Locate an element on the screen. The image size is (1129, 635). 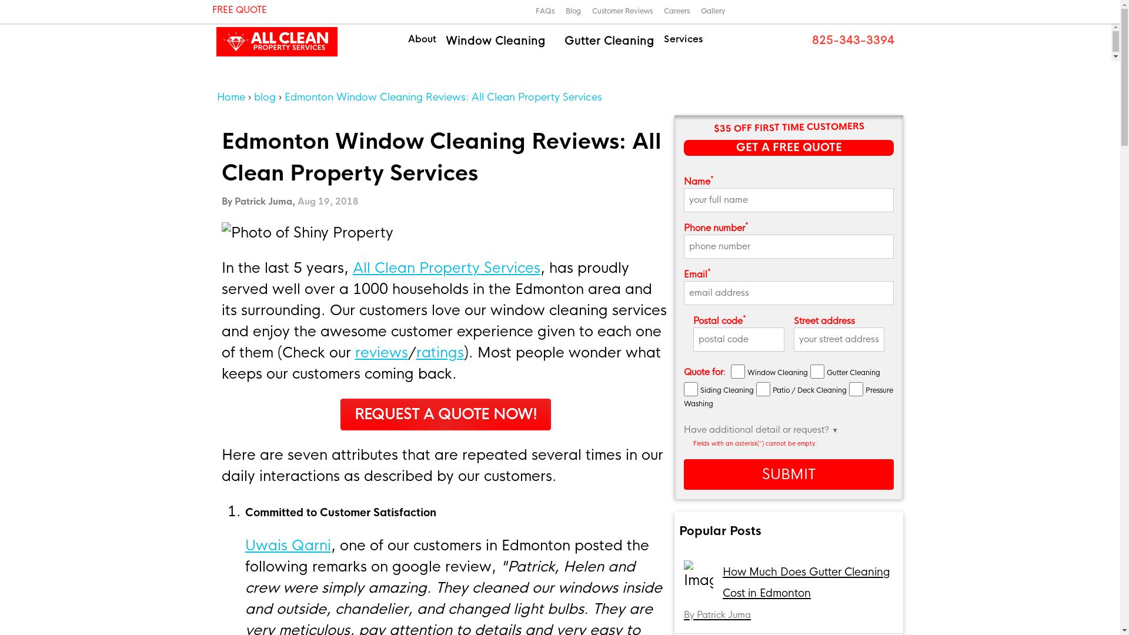
'Gallery' is located at coordinates (712, 11).